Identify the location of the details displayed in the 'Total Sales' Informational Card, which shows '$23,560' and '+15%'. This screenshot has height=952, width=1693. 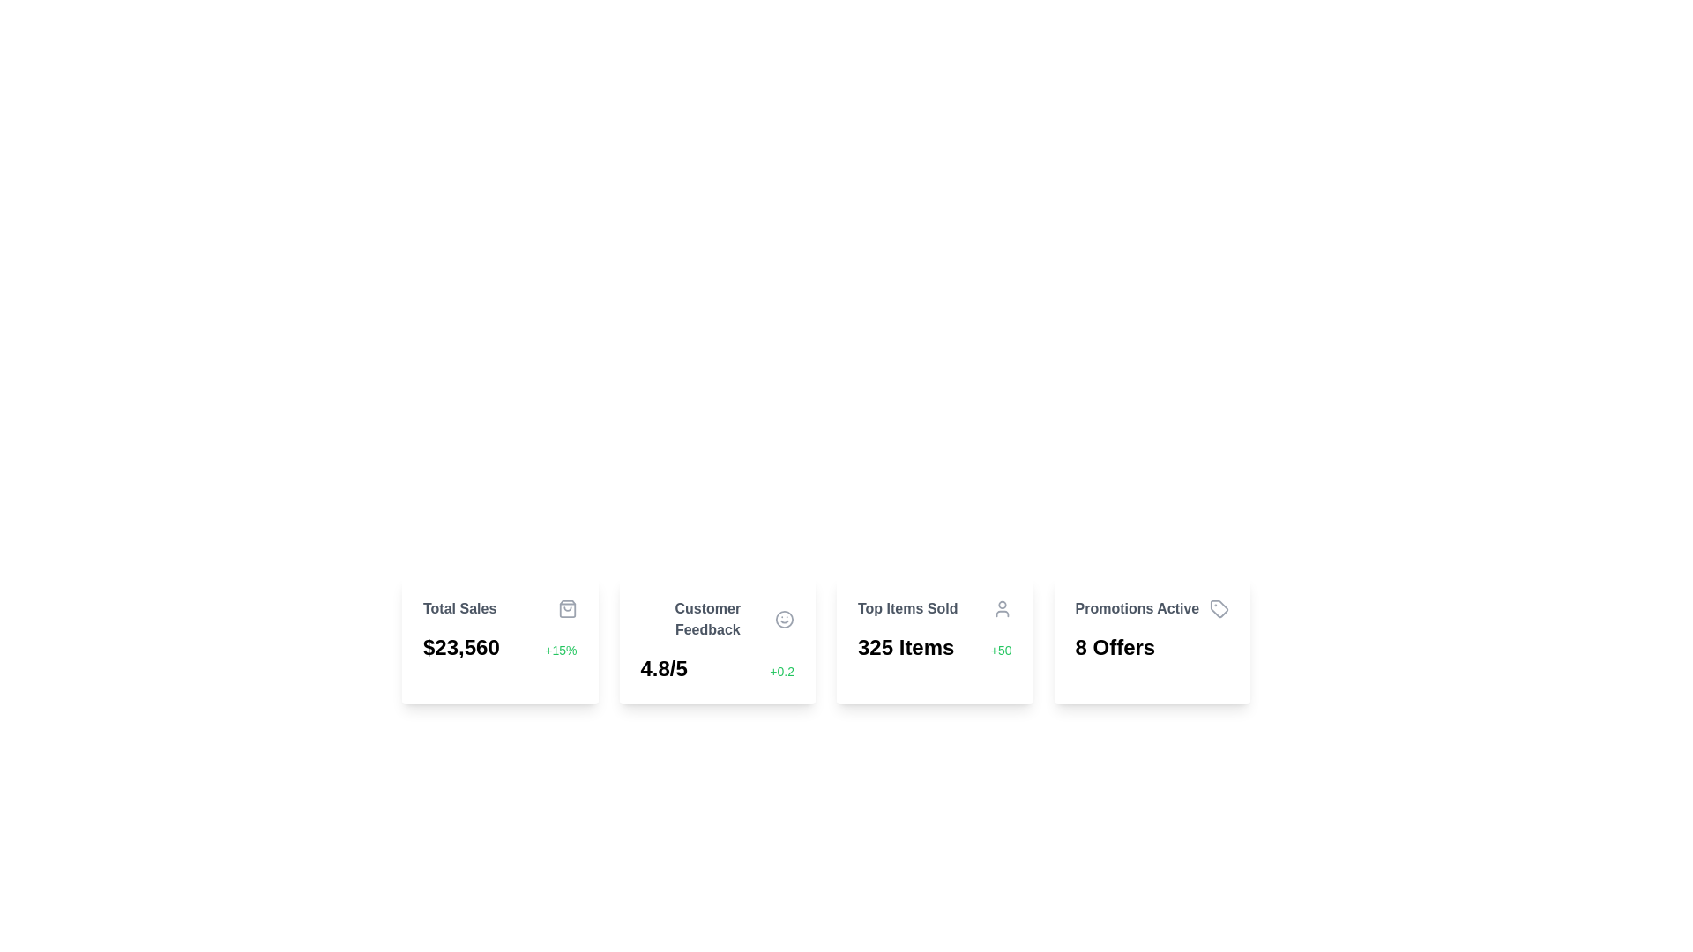
(499, 640).